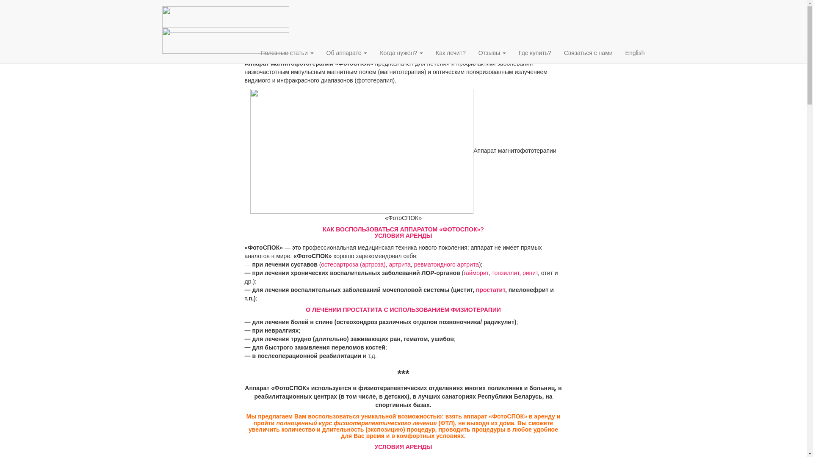 This screenshot has height=457, width=813. I want to click on 'English', so click(619, 52).